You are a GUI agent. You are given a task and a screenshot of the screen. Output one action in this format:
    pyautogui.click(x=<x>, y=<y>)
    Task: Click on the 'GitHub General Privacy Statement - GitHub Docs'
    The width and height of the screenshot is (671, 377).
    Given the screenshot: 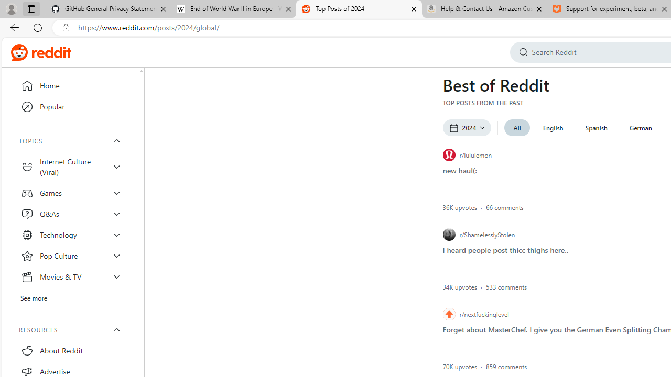 What is the action you would take?
    pyautogui.click(x=109, y=9)
    